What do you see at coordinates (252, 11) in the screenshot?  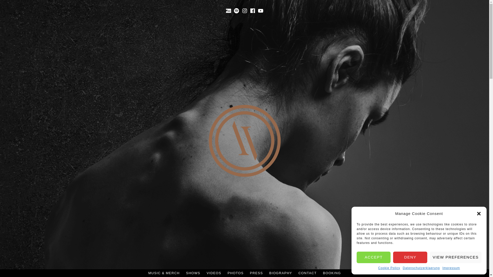 I see `'Facebook'` at bounding box center [252, 11].